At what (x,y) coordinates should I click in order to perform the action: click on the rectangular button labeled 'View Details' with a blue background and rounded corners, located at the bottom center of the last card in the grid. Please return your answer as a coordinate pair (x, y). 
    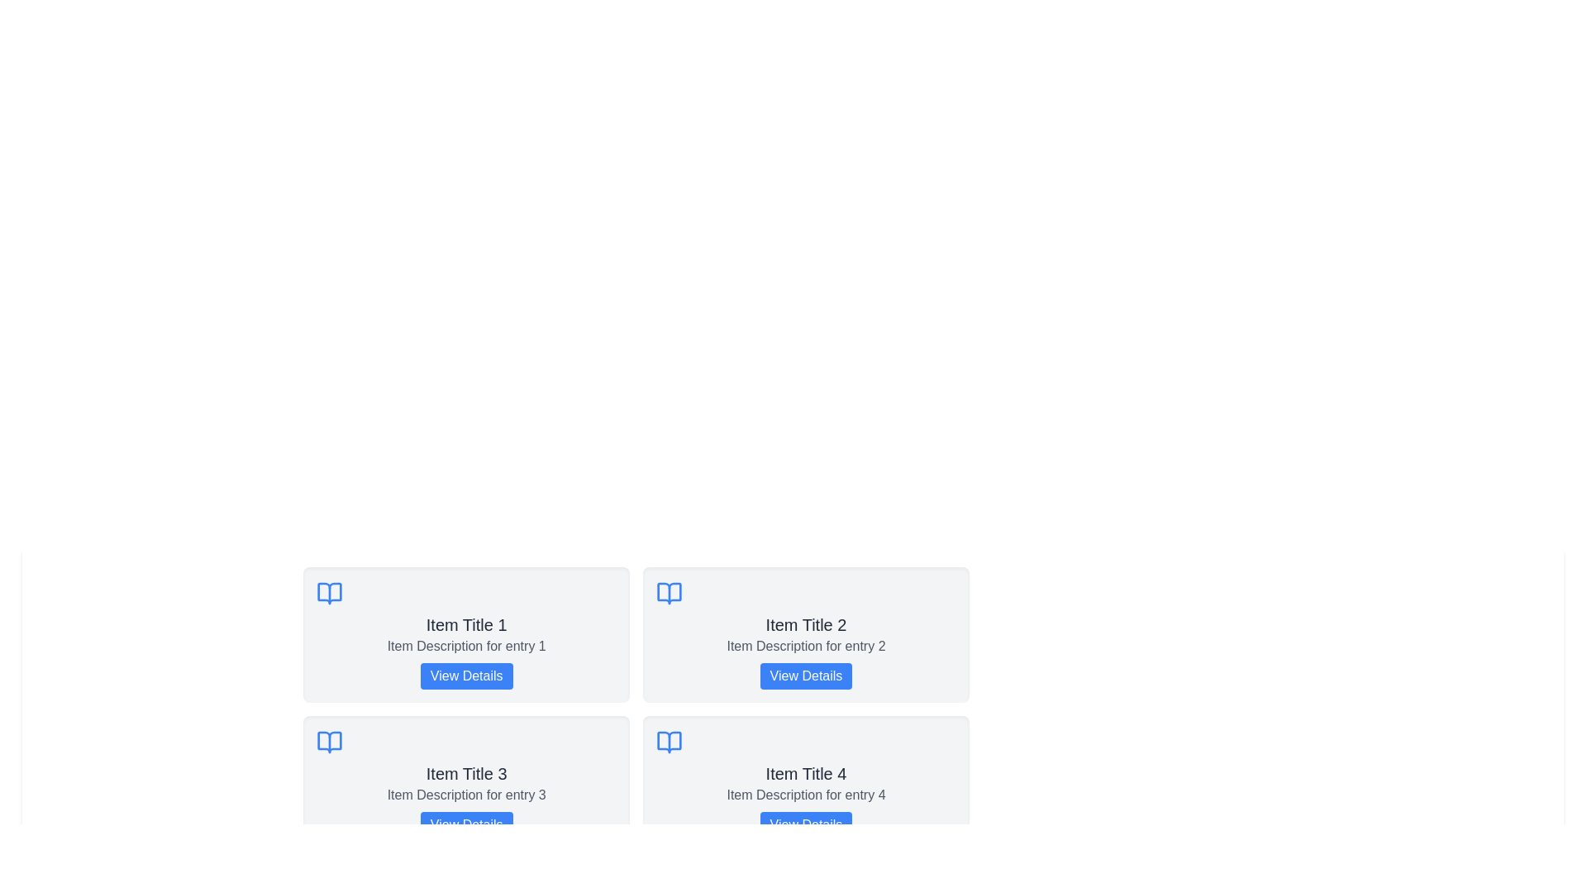
    Looking at the image, I should click on (806, 825).